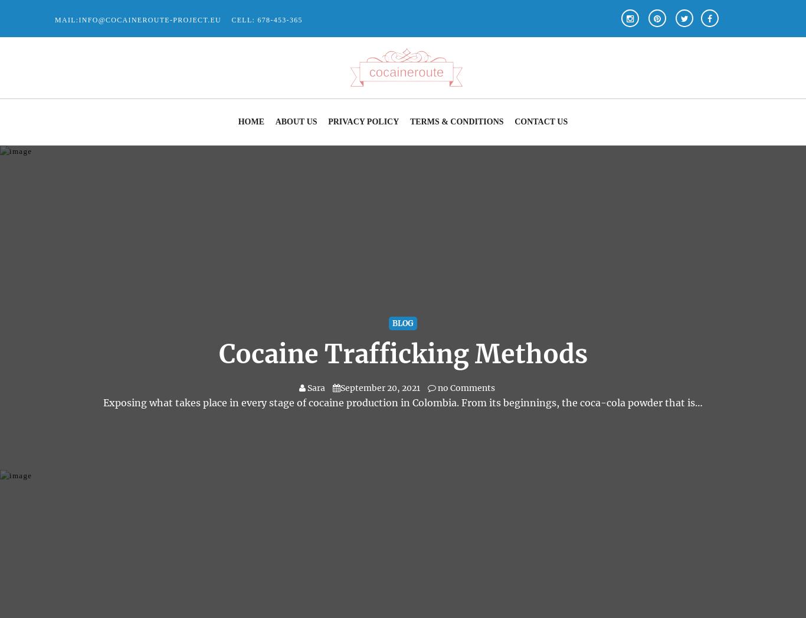 The height and width of the screenshot is (618, 806). What do you see at coordinates (296, 121) in the screenshot?
I see `'About Us'` at bounding box center [296, 121].